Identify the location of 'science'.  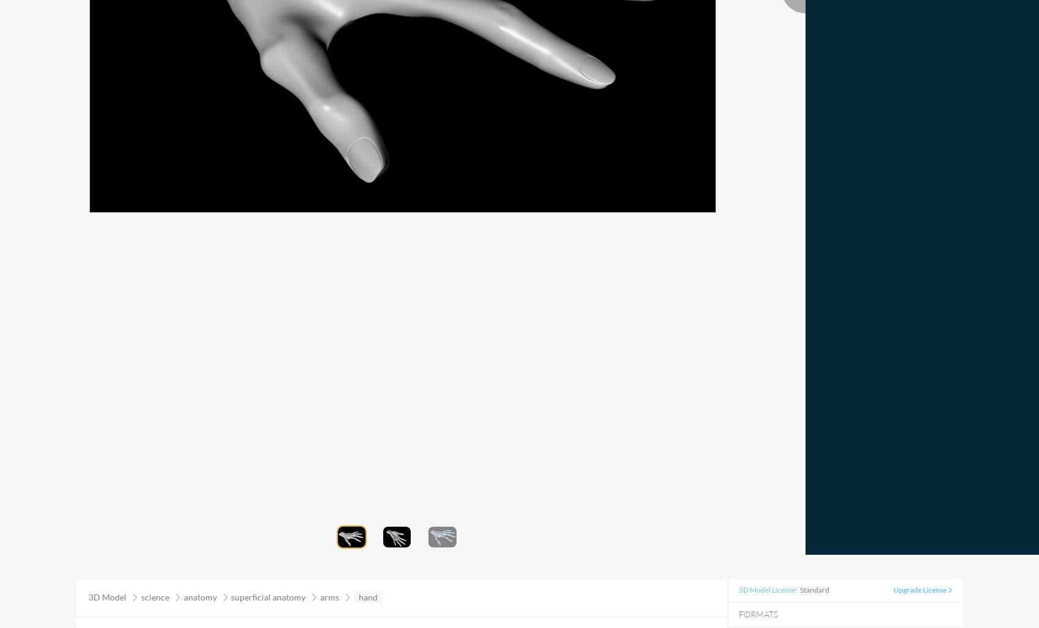
(154, 596).